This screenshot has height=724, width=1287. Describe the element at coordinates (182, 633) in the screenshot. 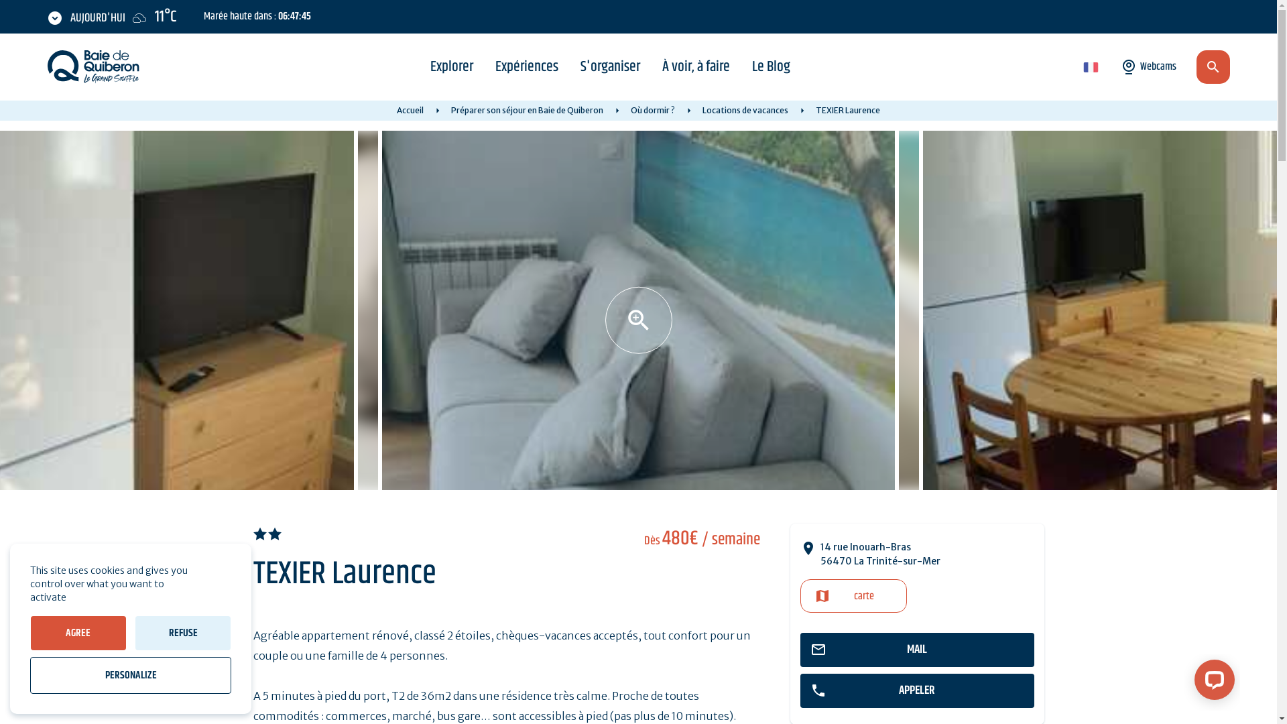

I see `'REFUSE'` at that location.